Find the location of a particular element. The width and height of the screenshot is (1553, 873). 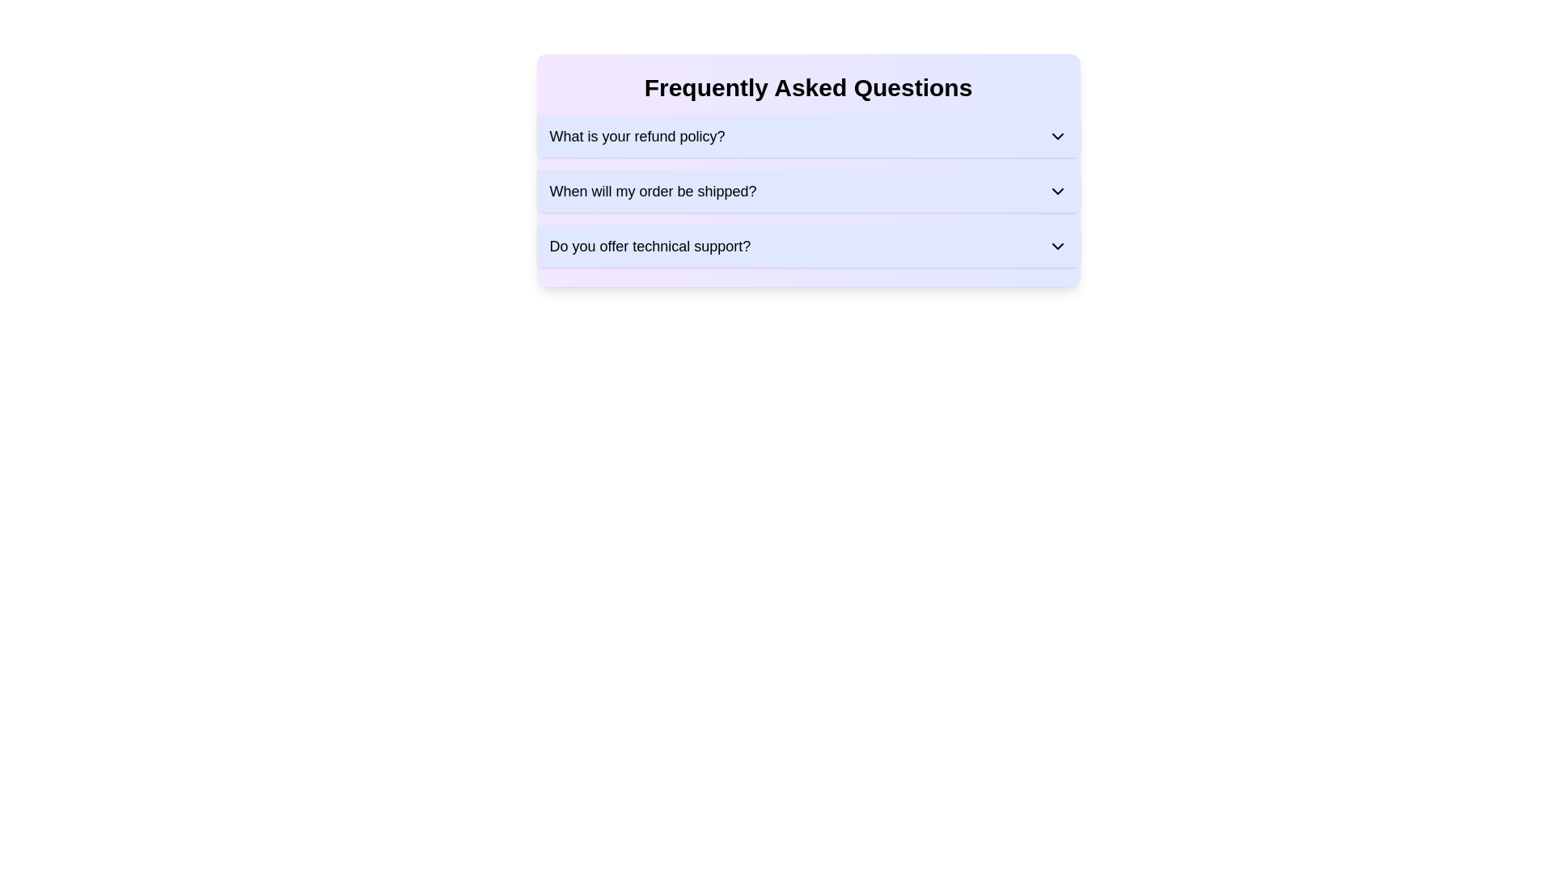

the chevron-down icon located to the far-right of the FAQ row beneath 'When will my order be shipped?' is located at coordinates (1057, 190).